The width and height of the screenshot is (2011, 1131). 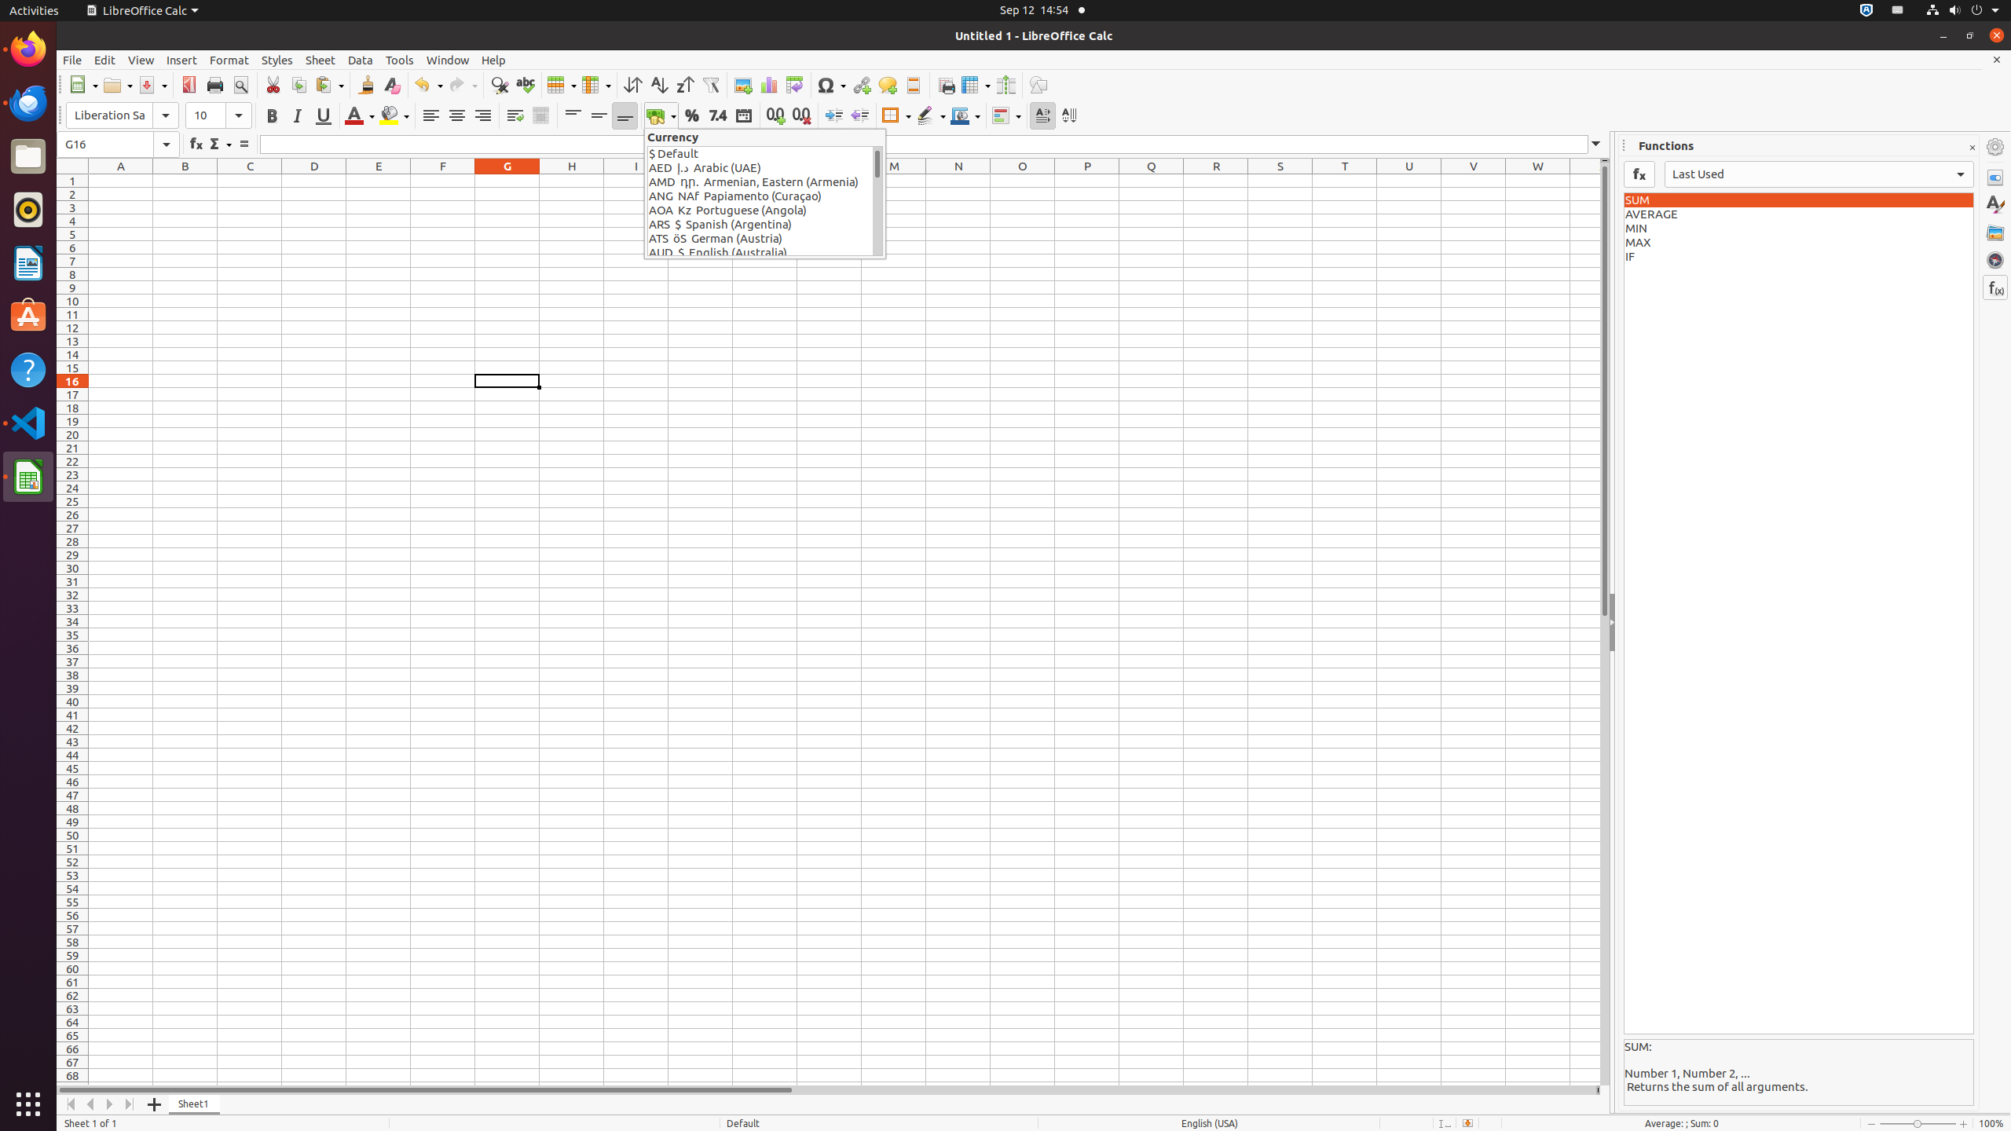 What do you see at coordinates (768, 84) in the screenshot?
I see `'Chart'` at bounding box center [768, 84].